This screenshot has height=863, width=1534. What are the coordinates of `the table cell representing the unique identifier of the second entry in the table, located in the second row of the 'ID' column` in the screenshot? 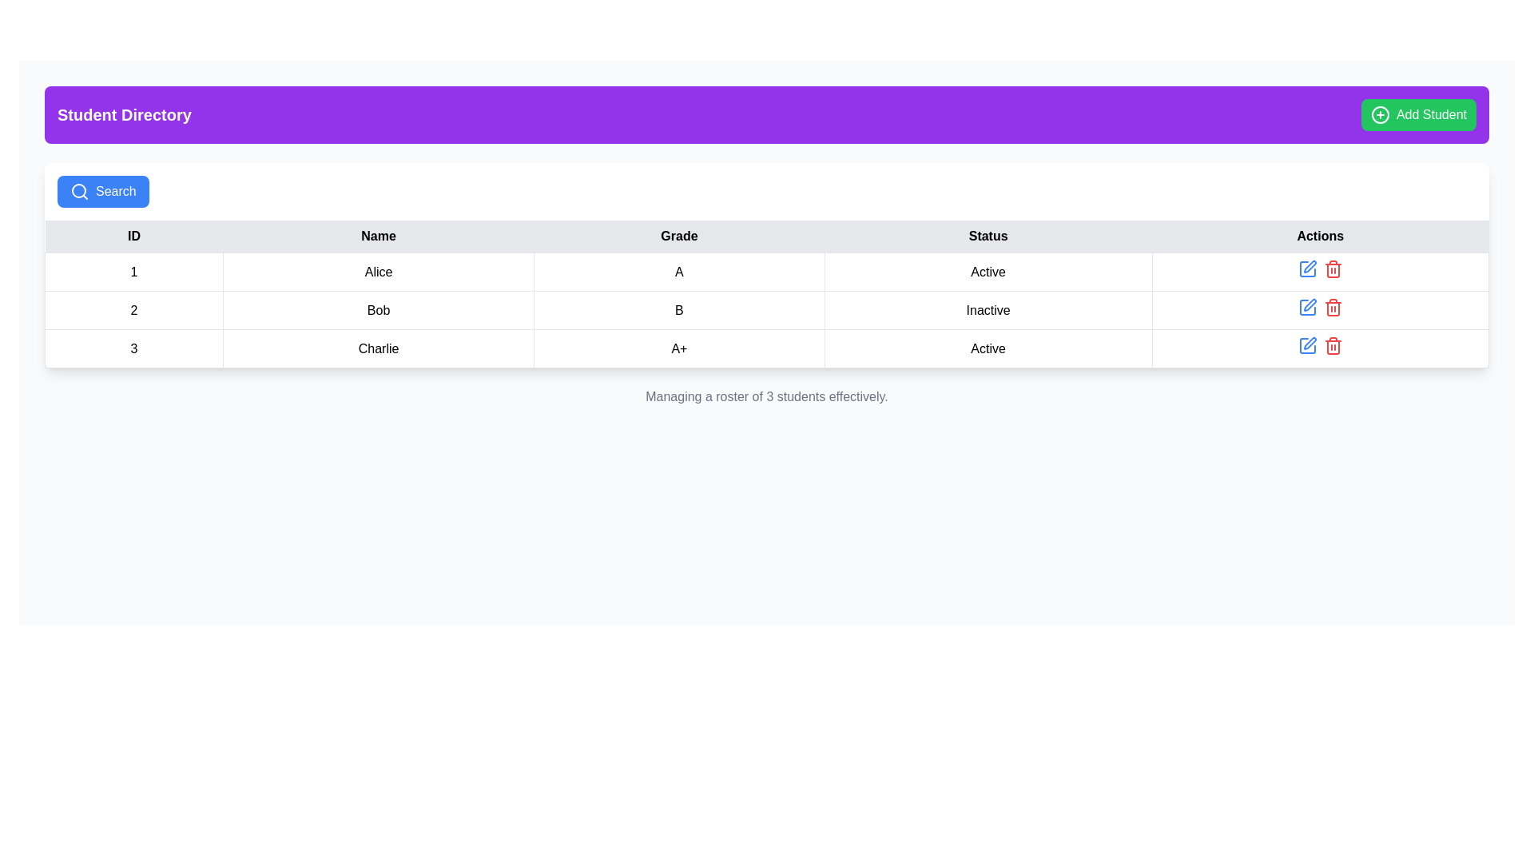 It's located at (134, 310).